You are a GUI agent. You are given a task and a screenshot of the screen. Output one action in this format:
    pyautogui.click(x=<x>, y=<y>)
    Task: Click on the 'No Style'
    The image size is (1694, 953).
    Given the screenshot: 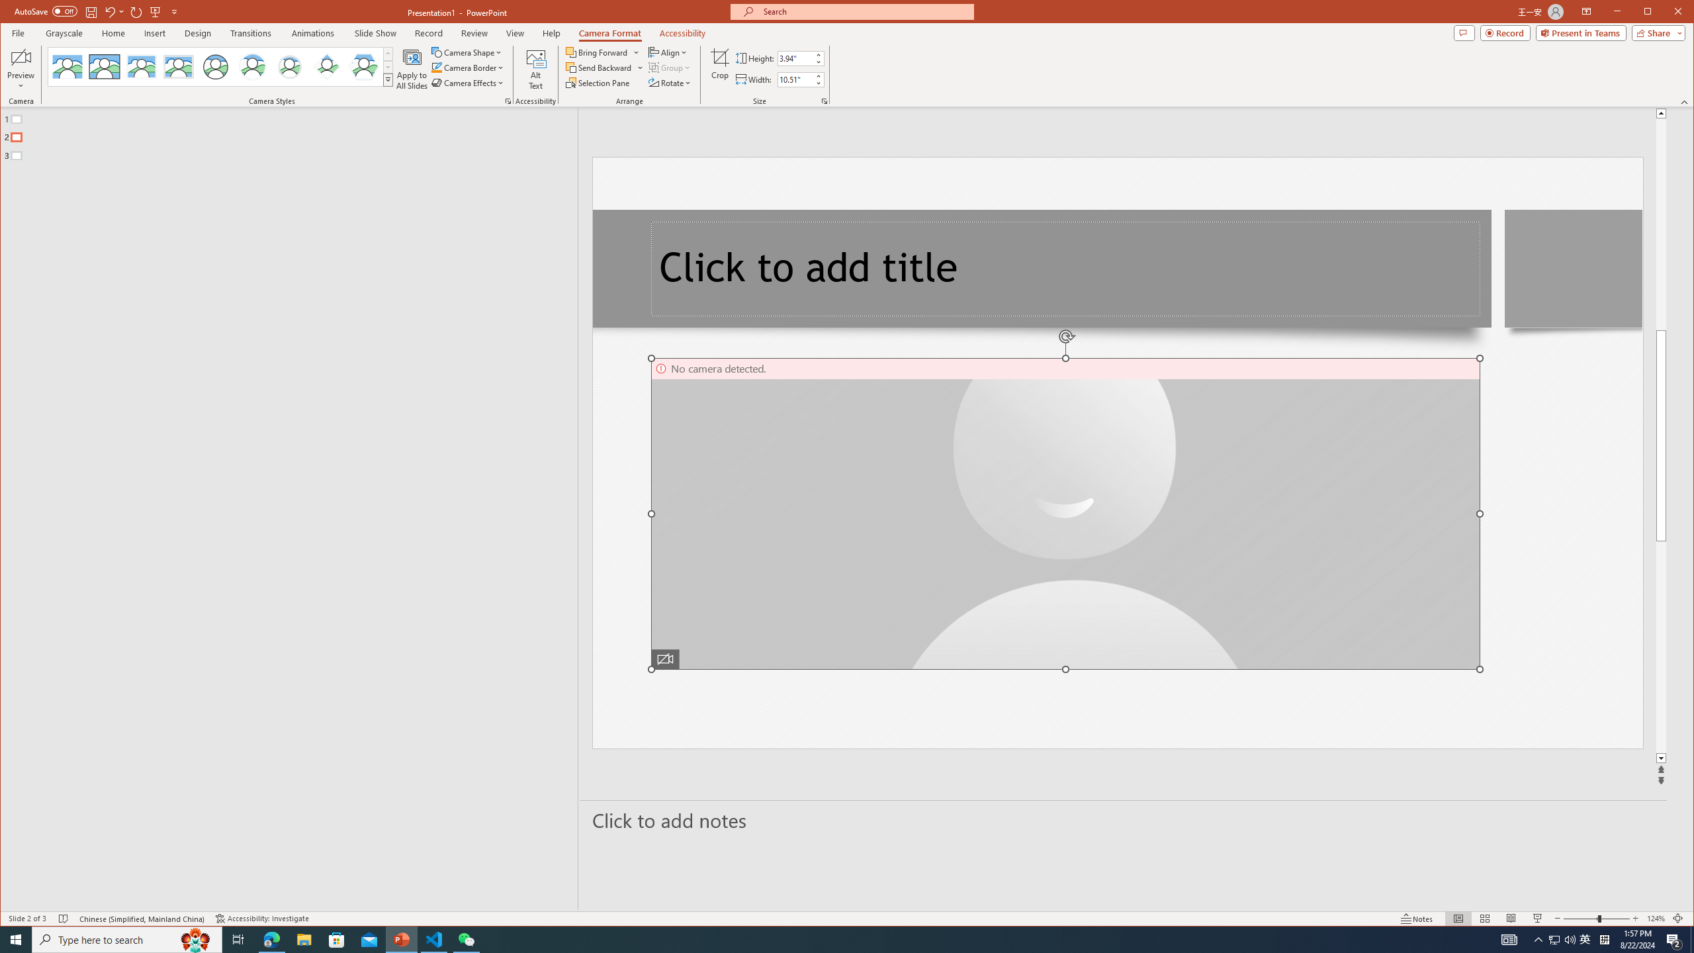 What is the action you would take?
    pyautogui.click(x=67, y=66)
    